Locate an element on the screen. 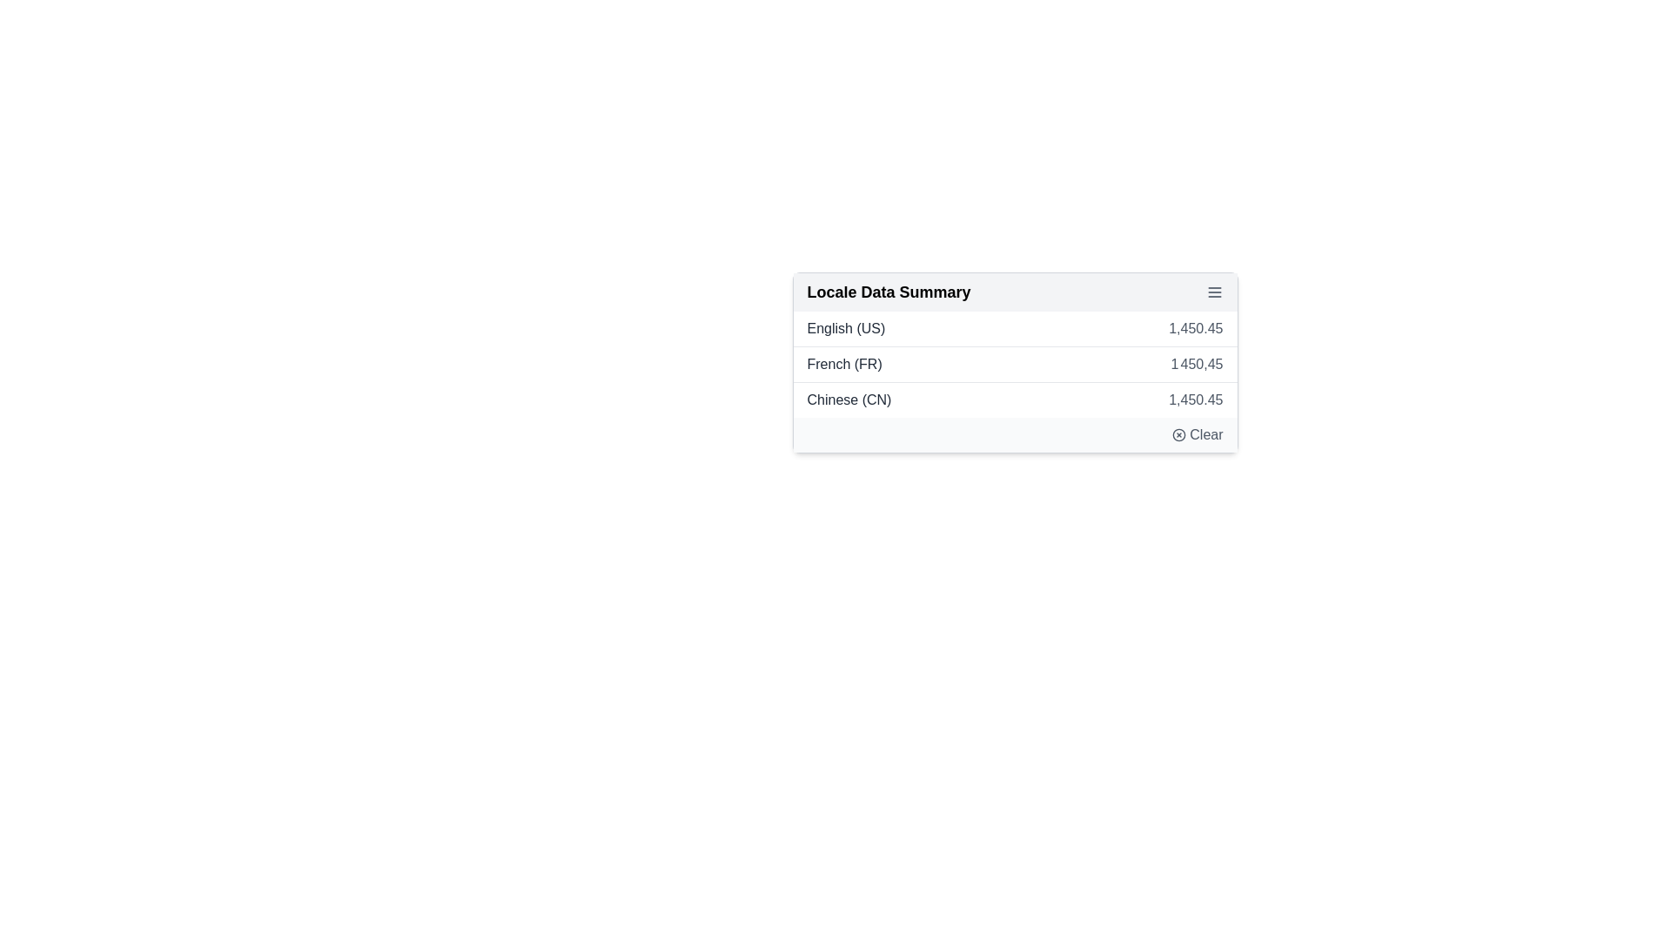 The width and height of the screenshot is (1671, 940). the first row of the list displaying 'English (US)' and '1,450.45' within the 'Locale Data Summary' bordered box is located at coordinates (1015, 329).